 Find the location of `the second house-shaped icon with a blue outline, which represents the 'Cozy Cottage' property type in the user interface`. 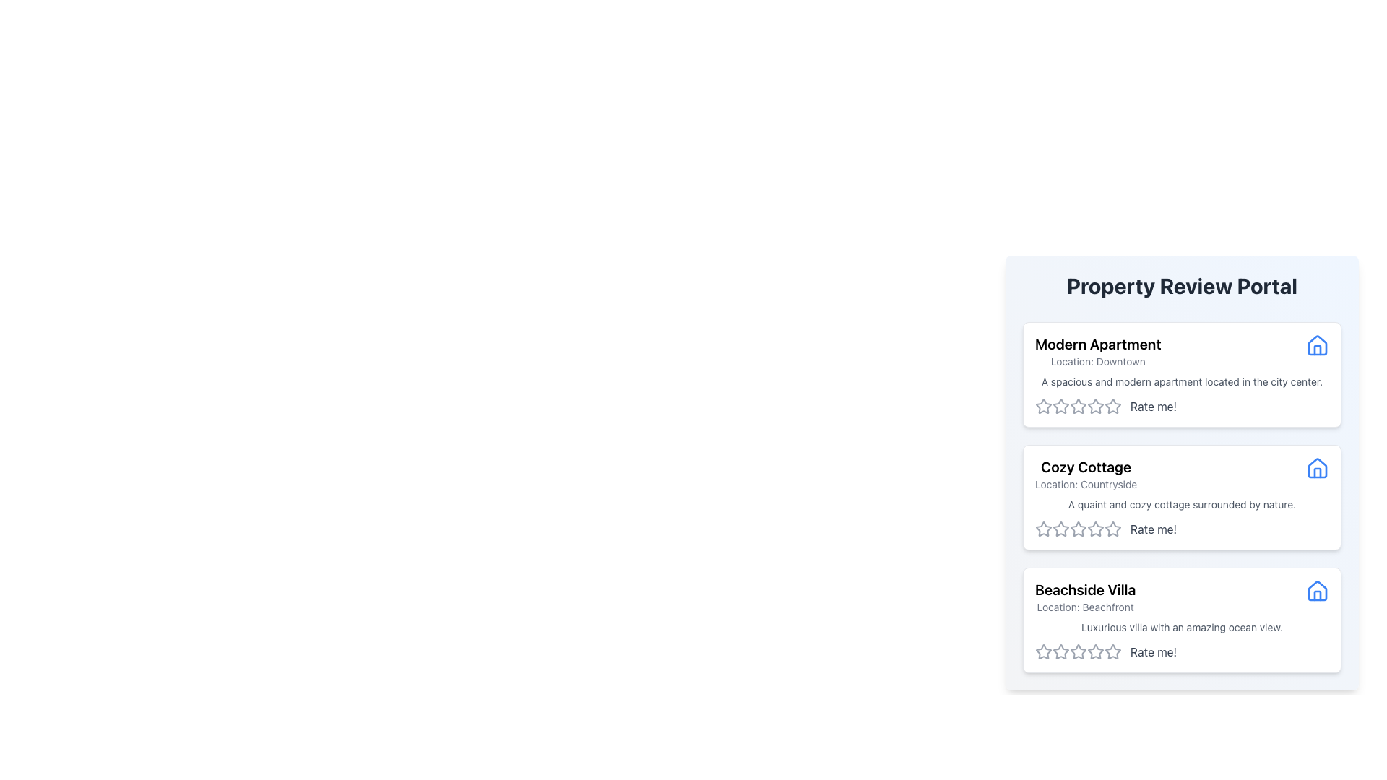

the second house-shaped icon with a blue outline, which represents the 'Cozy Cottage' property type in the user interface is located at coordinates (1318, 468).